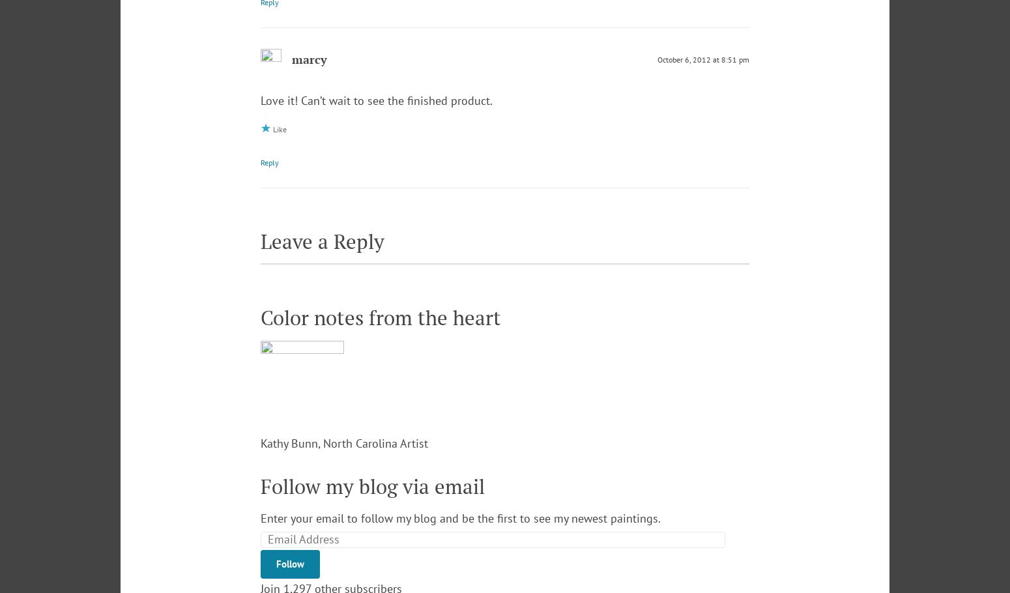 The image size is (1010, 593). What do you see at coordinates (376, 100) in the screenshot?
I see `'Love it! Can’t wait to see the finished product.'` at bounding box center [376, 100].